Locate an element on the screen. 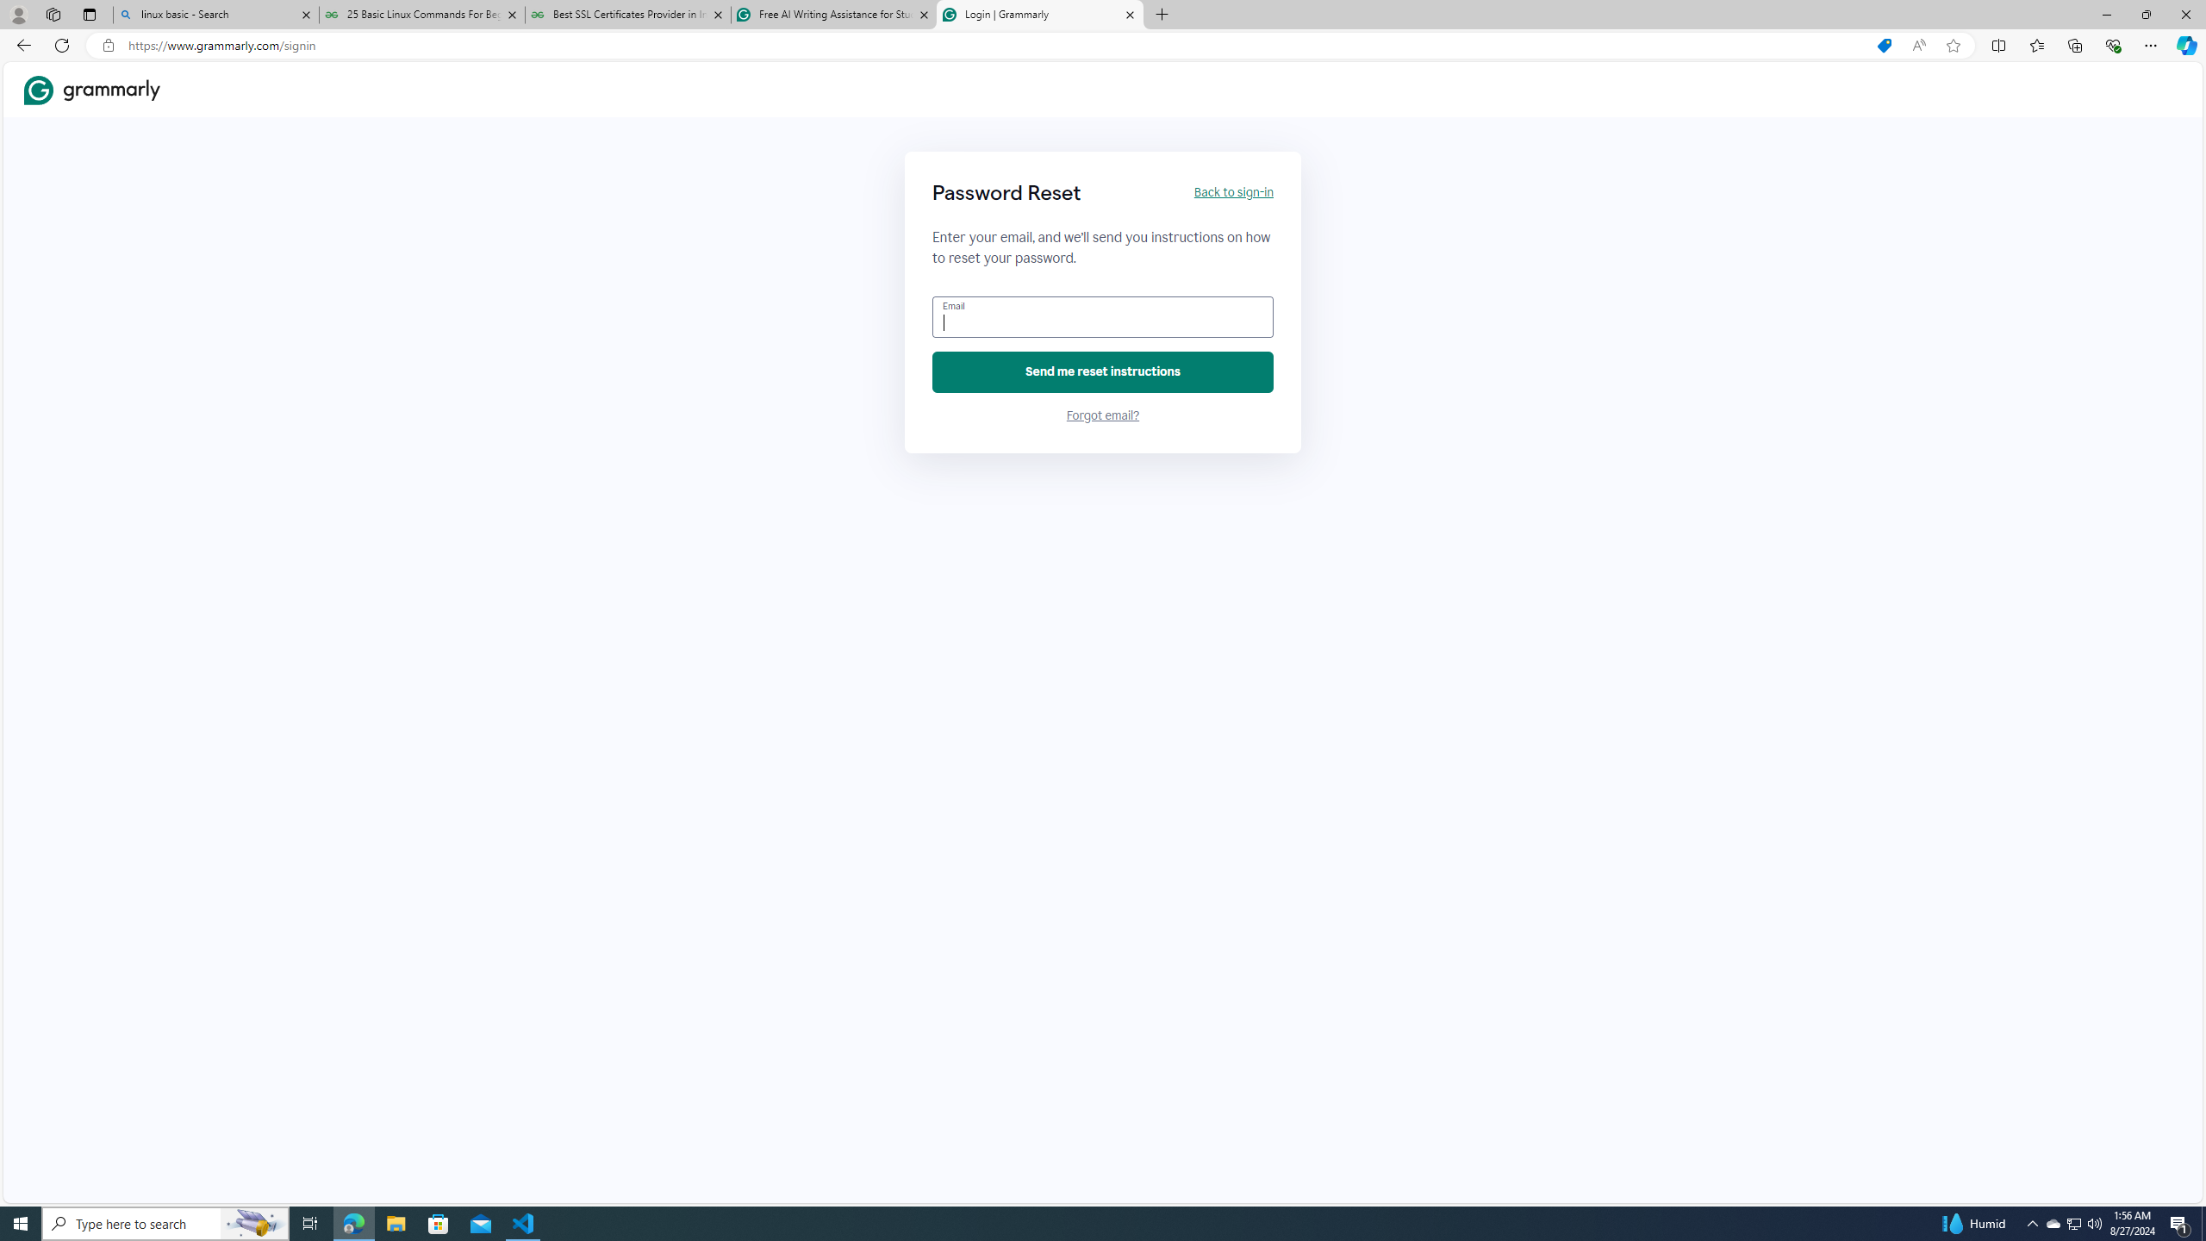  'Back to sign-in' is located at coordinates (1232, 191).